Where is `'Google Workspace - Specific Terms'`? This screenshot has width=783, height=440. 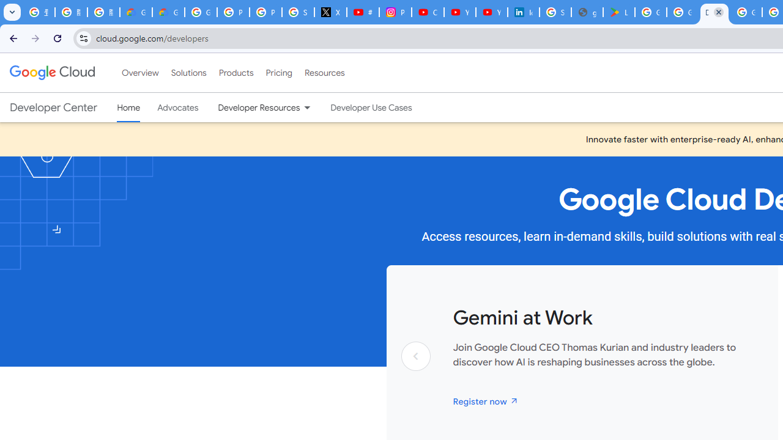 'Google Workspace - Specific Terms' is located at coordinates (682, 12).